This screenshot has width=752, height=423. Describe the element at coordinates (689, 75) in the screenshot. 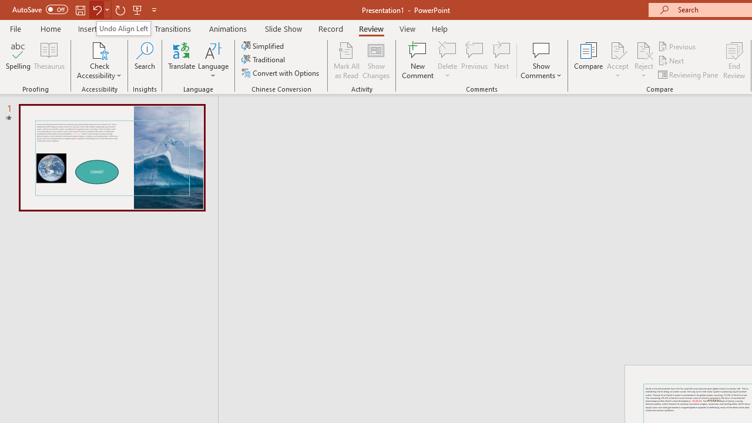

I see `'Reviewing Pane'` at that location.